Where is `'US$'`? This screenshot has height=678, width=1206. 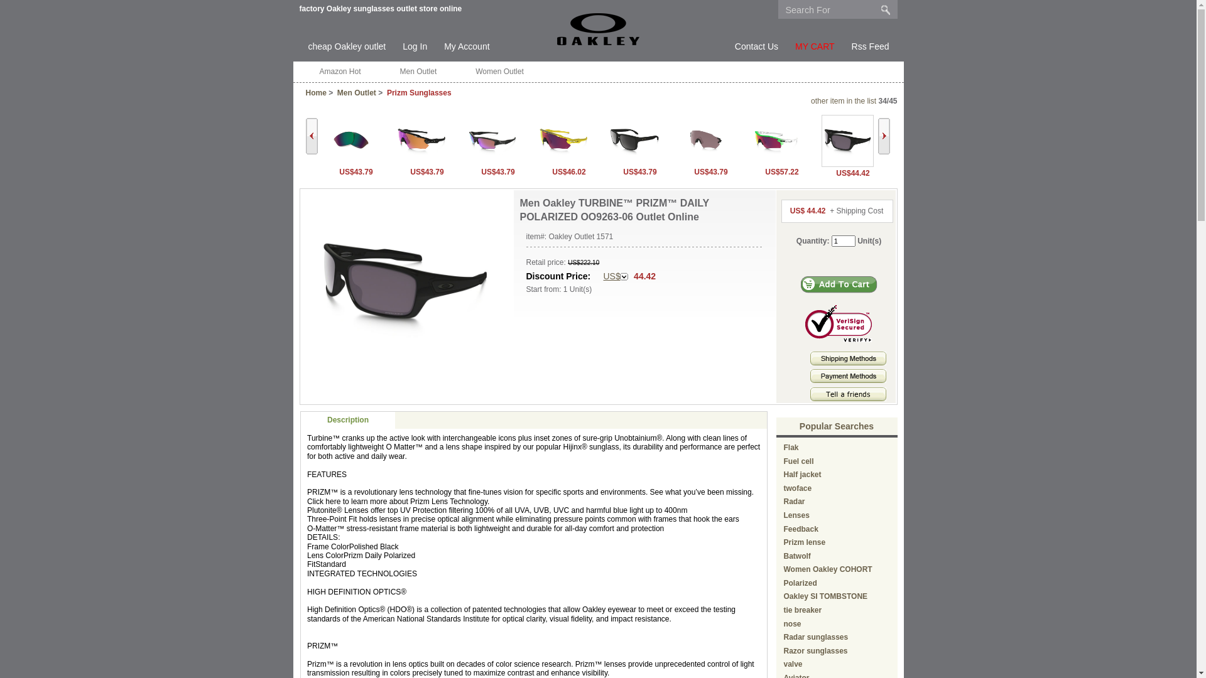
'US$' is located at coordinates (615, 276).